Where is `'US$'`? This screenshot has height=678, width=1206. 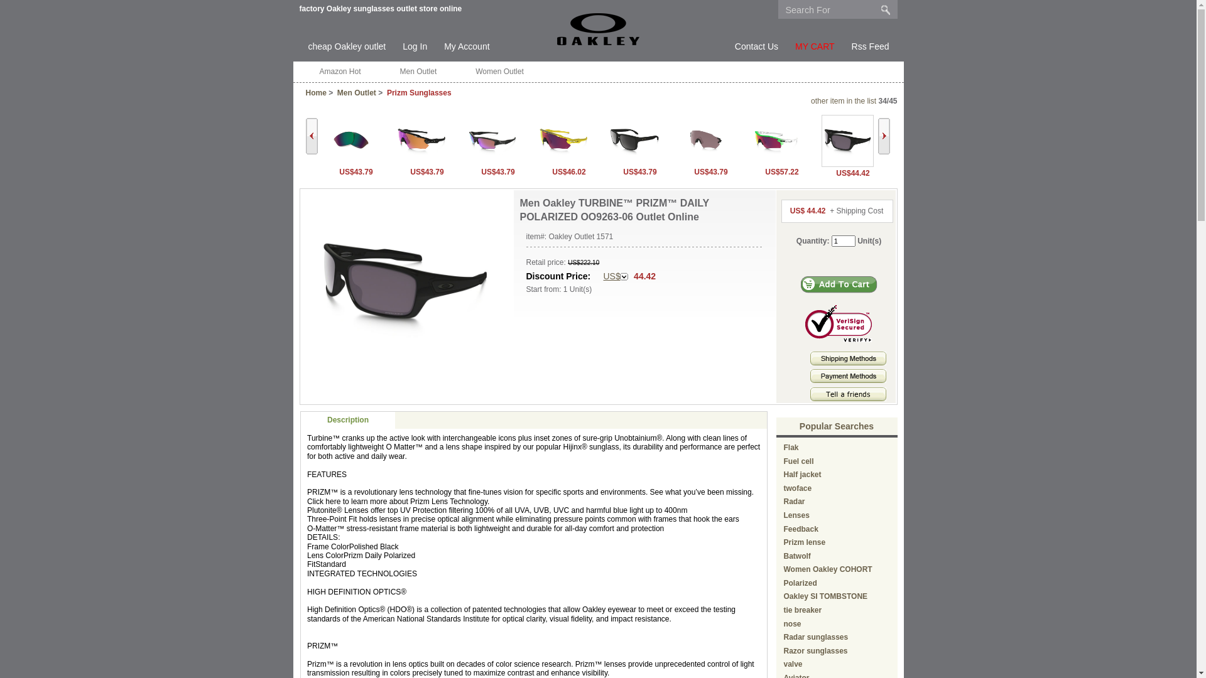
'US$' is located at coordinates (615, 276).